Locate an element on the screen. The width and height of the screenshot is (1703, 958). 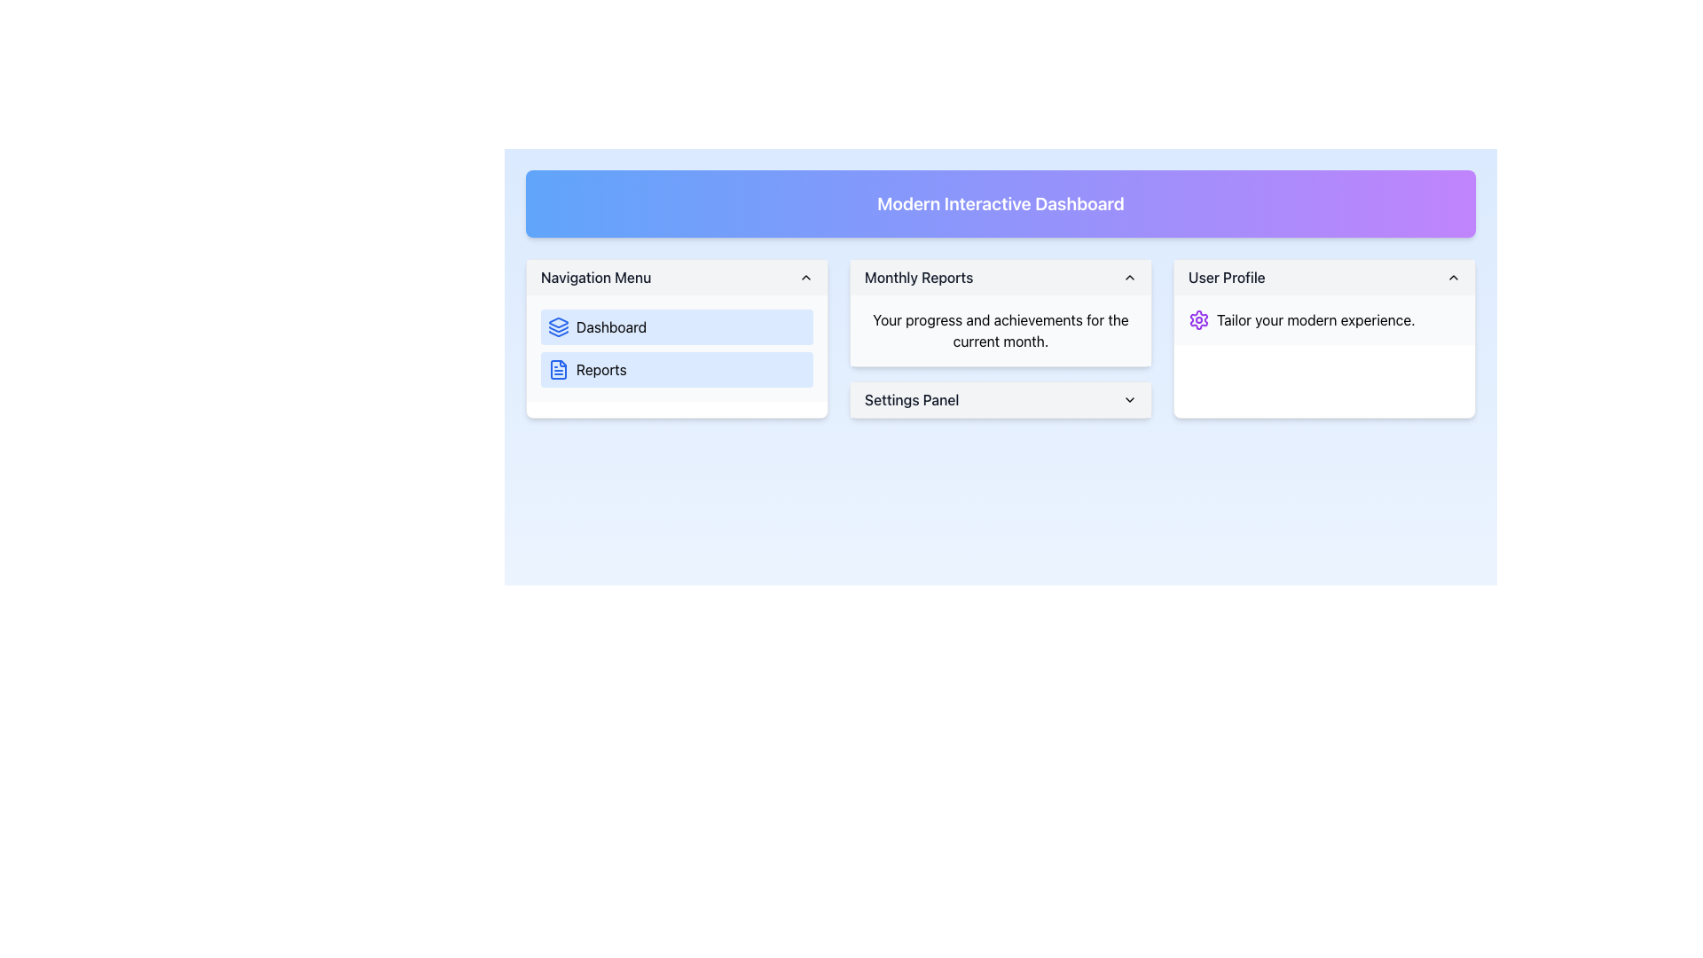
the small upward-pointing chevron icon located to the far-right of the 'Monthly Reports' panel heading is located at coordinates (1128, 277).